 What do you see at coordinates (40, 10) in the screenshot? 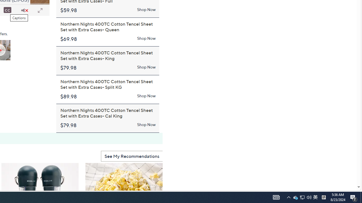
I see `'Full Screen'` at bounding box center [40, 10].